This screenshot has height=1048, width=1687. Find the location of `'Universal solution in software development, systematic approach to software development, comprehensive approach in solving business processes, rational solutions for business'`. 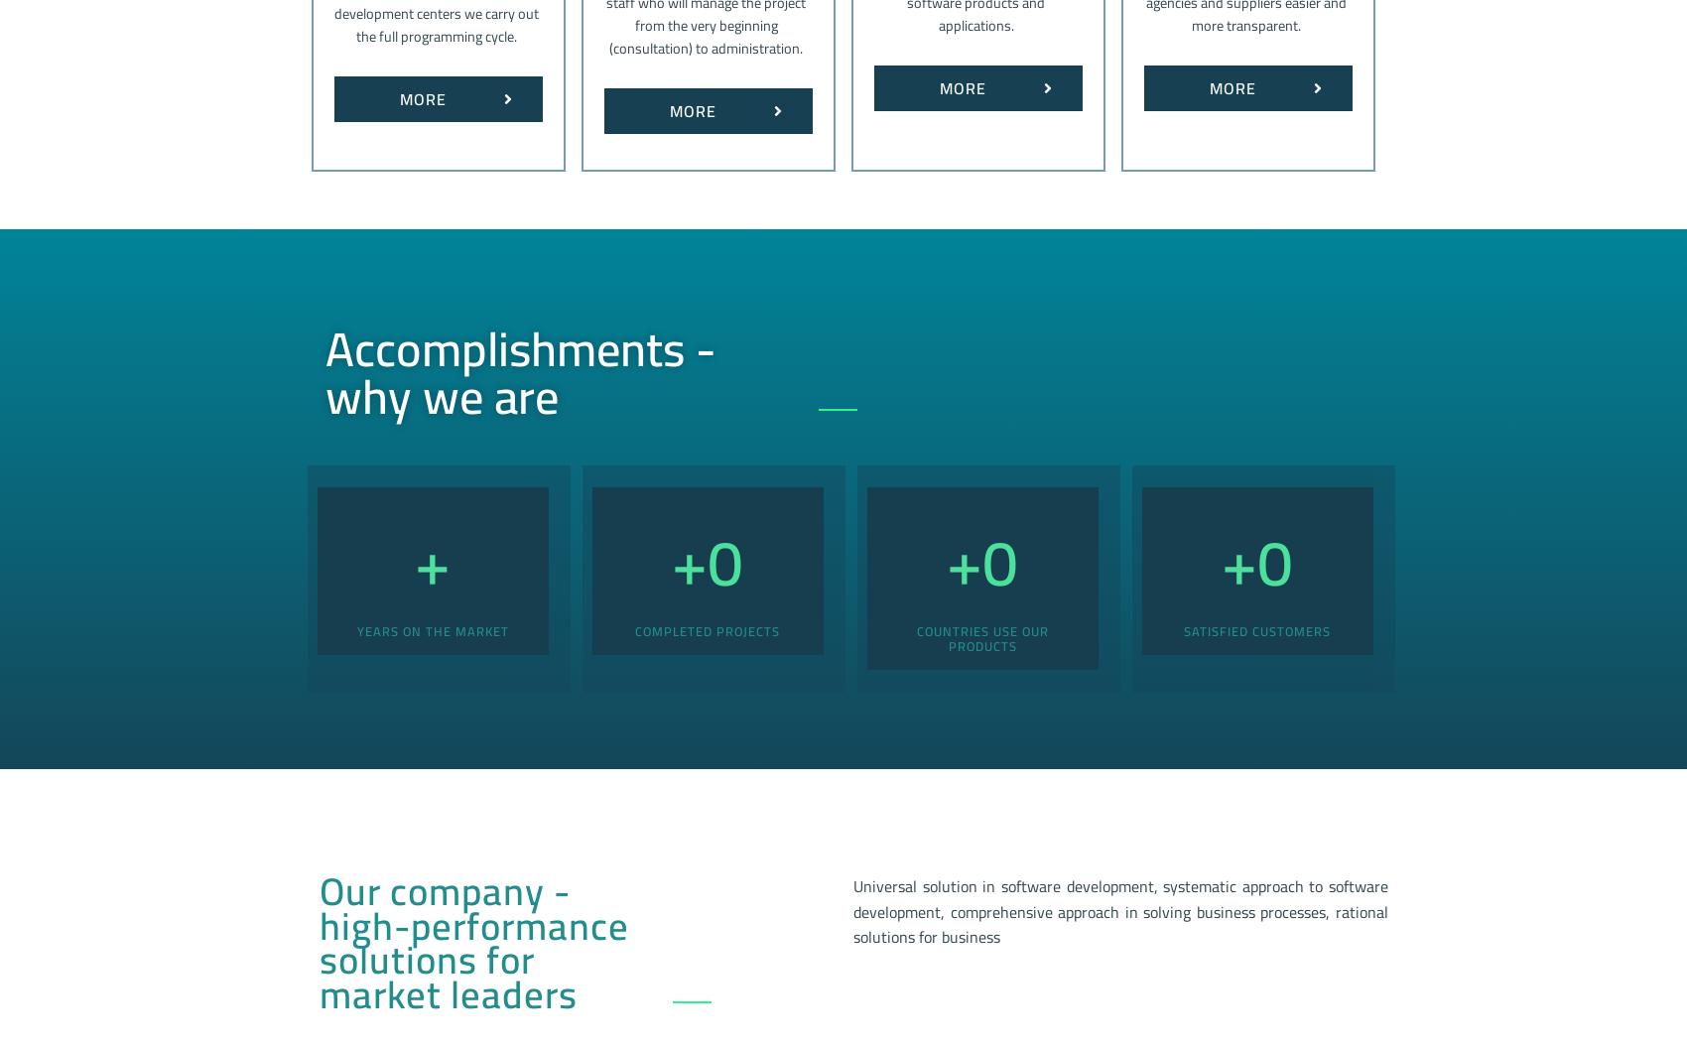

'Universal solution in software development, systematic approach to software development, comprehensive approach in solving business processes, rational solutions for business' is located at coordinates (1120, 910).